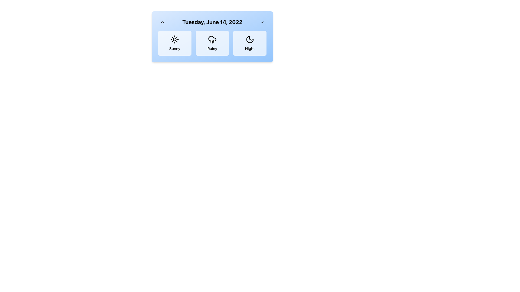  Describe the element at coordinates (162, 22) in the screenshot. I see `the small upward-pointing chevron icon, which is styled as a minimalist arrow and positioned to the left of the text 'Tuesday, June 14, 2022'` at that location.